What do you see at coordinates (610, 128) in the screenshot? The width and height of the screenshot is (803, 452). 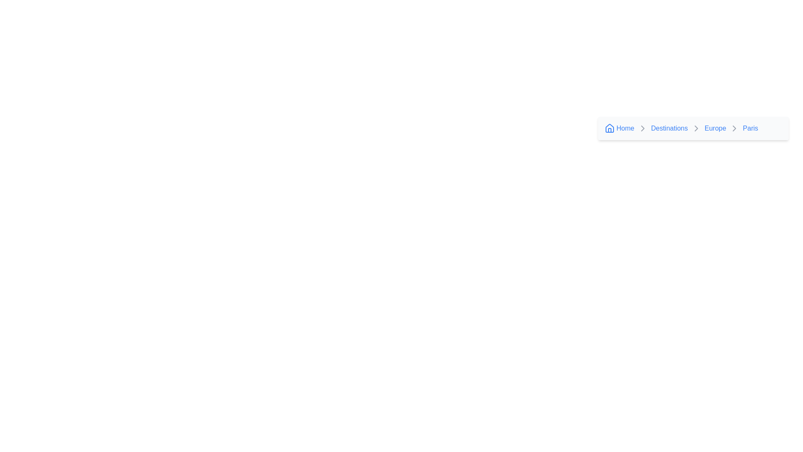 I see `the SVG graphic icon representing the 'Home' link in the breadcrumb navigation component, which is located on the far left and is the first item in the navigation` at bounding box center [610, 128].